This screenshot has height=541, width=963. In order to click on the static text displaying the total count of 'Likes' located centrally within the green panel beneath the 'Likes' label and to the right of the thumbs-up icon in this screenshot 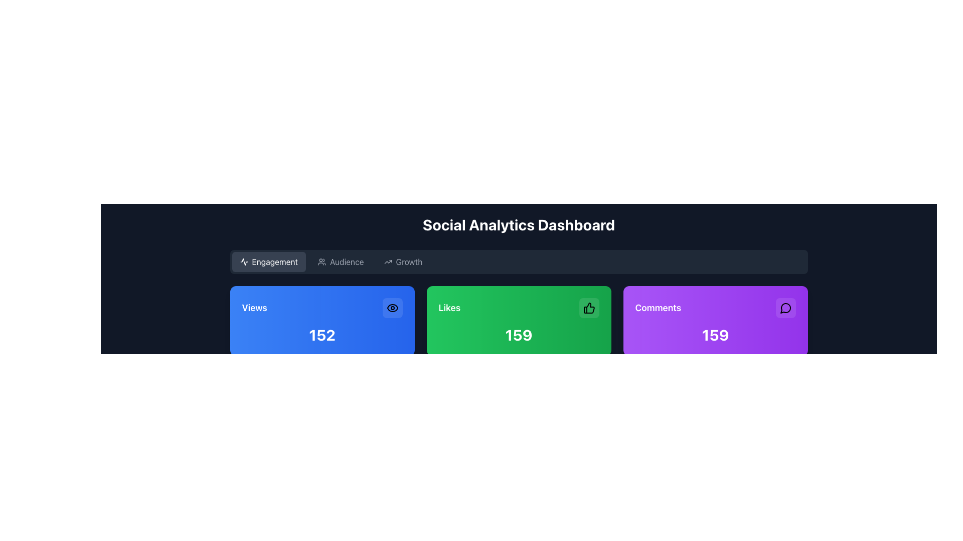, I will do `click(519, 335)`.